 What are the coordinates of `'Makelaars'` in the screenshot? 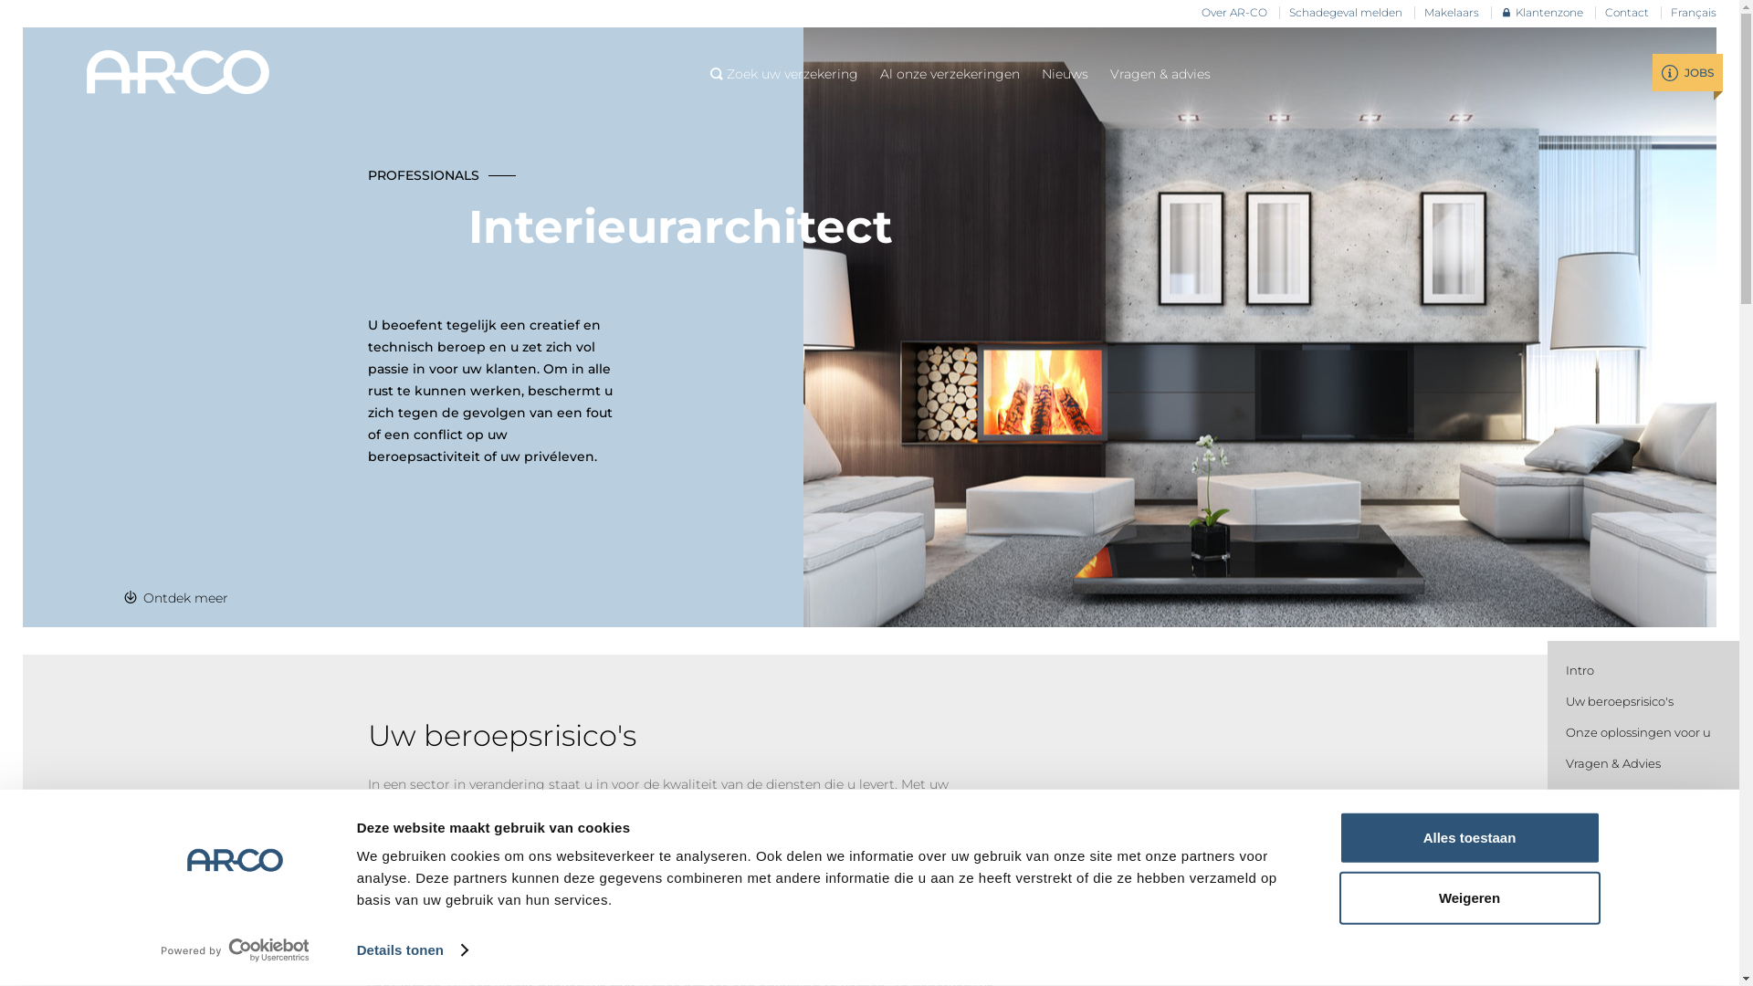 It's located at (1423, 13).